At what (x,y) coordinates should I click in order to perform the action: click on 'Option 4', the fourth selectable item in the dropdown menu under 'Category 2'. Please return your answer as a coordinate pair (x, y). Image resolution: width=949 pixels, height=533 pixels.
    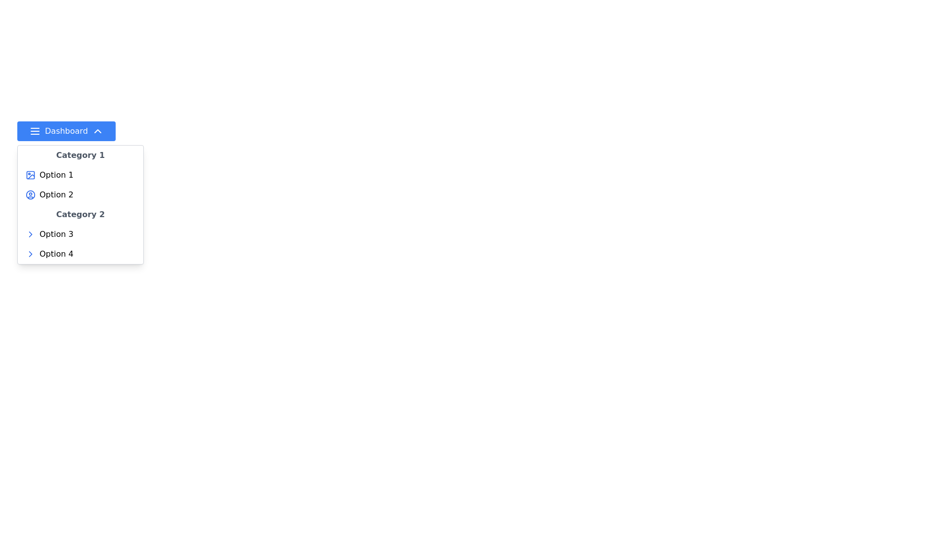
    Looking at the image, I should click on (81, 254).